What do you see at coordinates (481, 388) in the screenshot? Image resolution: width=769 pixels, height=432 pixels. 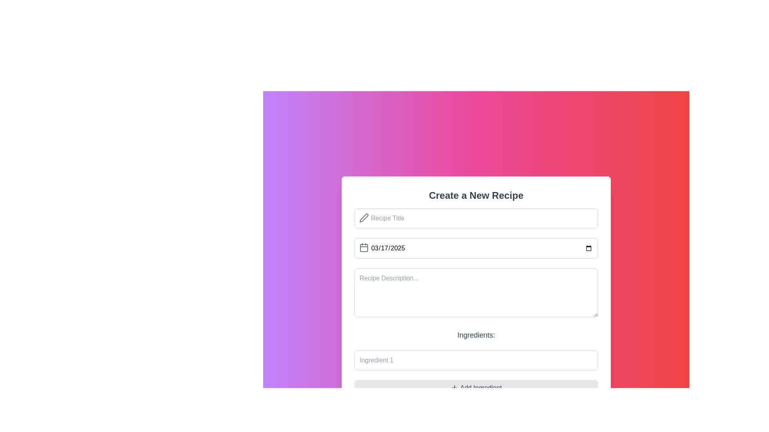 I see `the button that adds another ingredient to the list by navigating through tab key` at bounding box center [481, 388].